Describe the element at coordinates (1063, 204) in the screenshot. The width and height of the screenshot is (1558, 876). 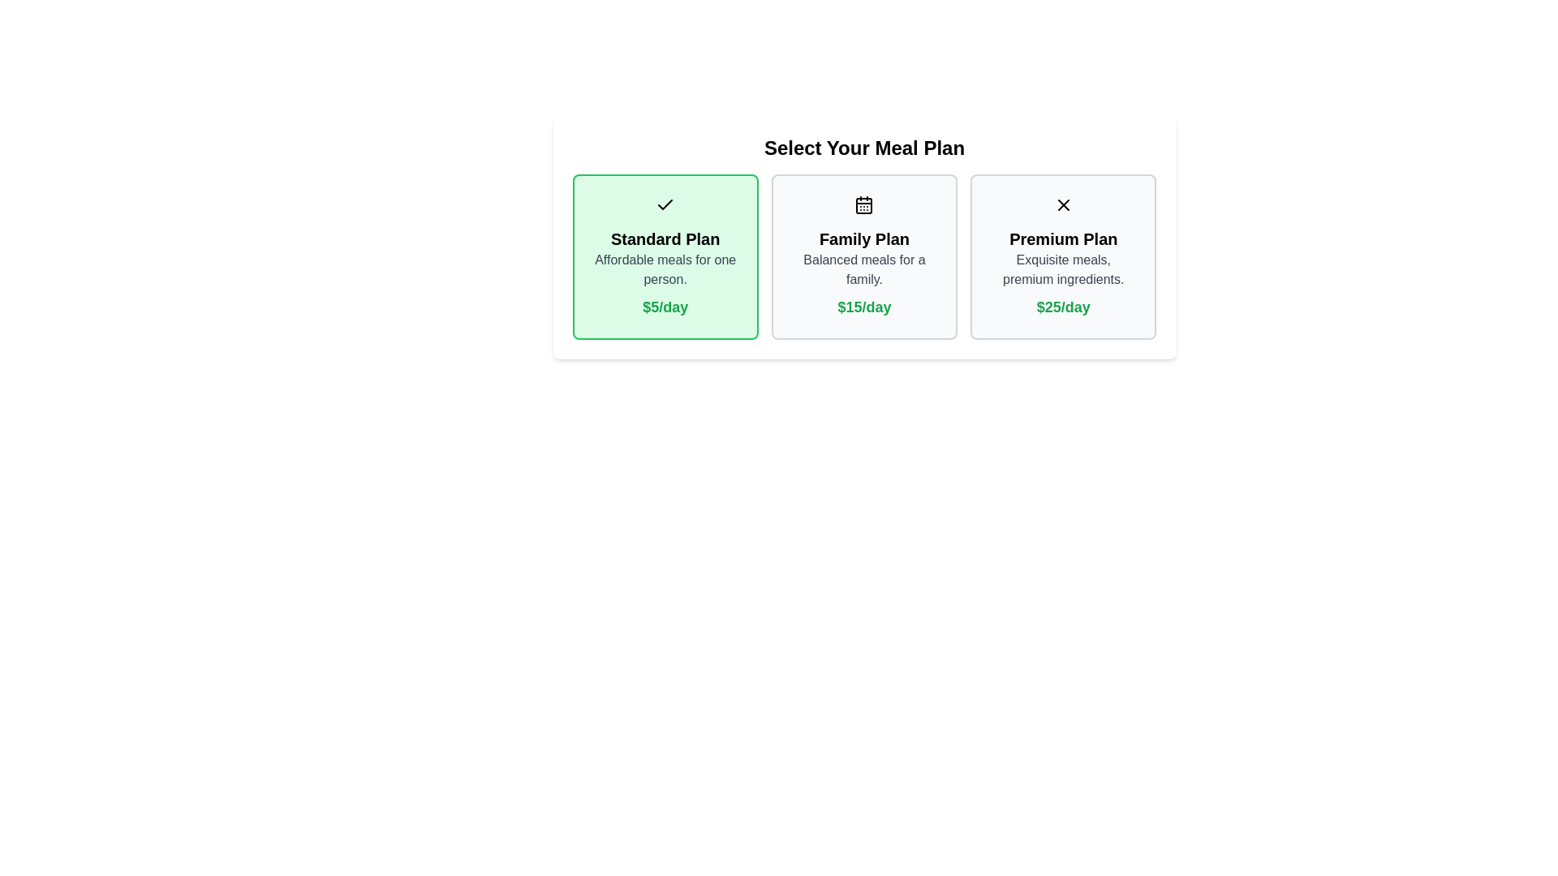
I see `the Icon or Decorative Glyph located at the top-right side of the 'Premium Plan' card, which serves as a visual marker to indicate its status` at that location.